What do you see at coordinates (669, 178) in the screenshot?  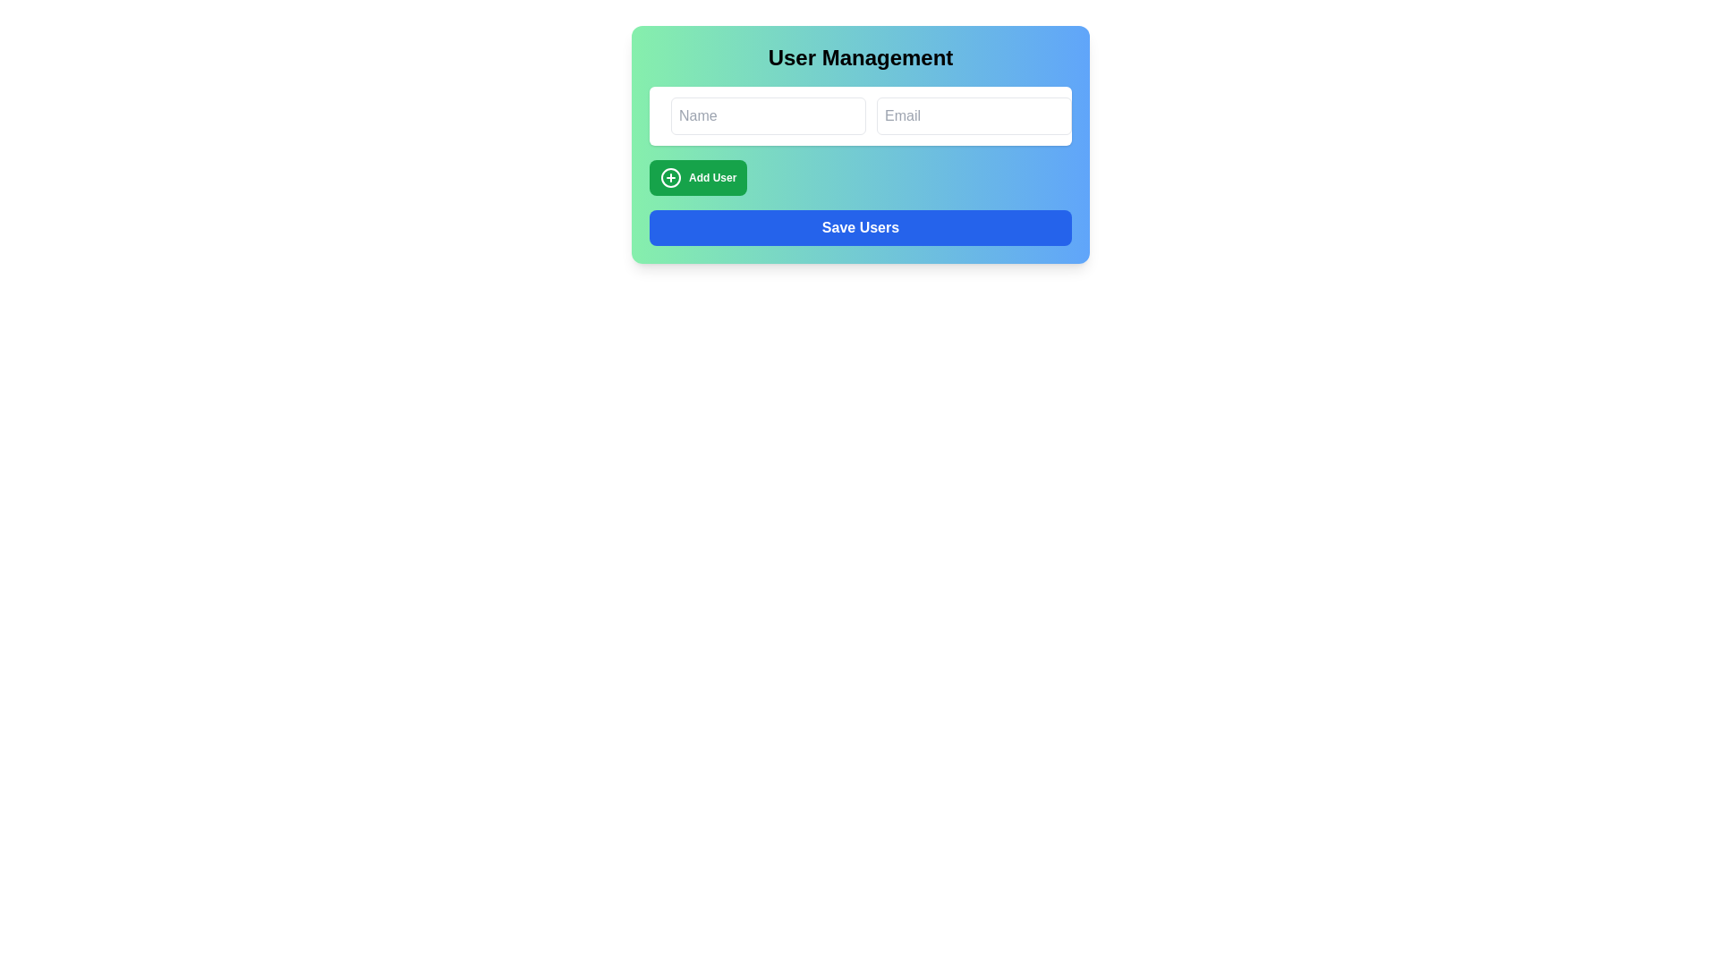 I see `the icon representing the action of adding a user, located on the left side of the 'Add User' button, for visual feedback` at bounding box center [669, 178].